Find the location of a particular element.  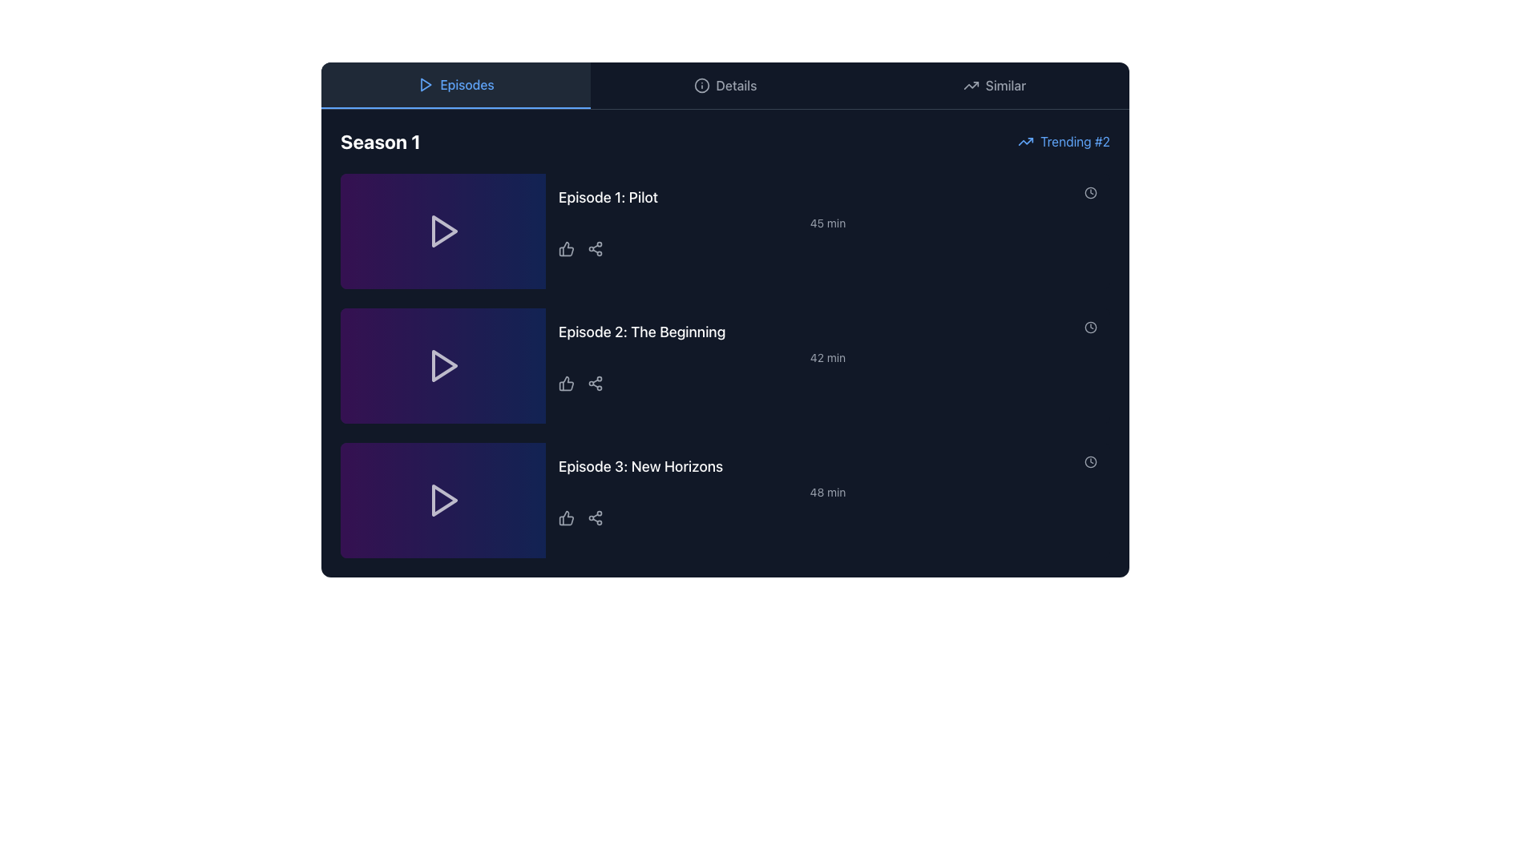

the thumbs-up icon representing the like button, located to the right of 'Episode 1: Pilot', to change its color is located at coordinates (566, 249).